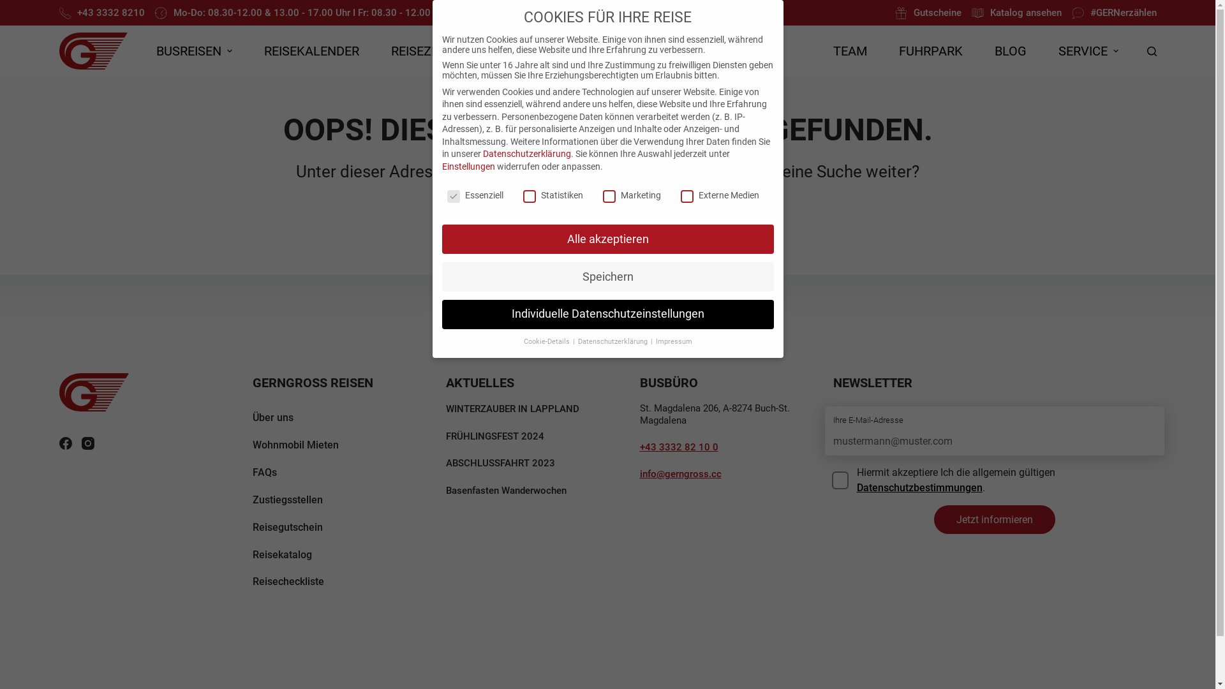  What do you see at coordinates (606, 276) in the screenshot?
I see `'Speichern'` at bounding box center [606, 276].